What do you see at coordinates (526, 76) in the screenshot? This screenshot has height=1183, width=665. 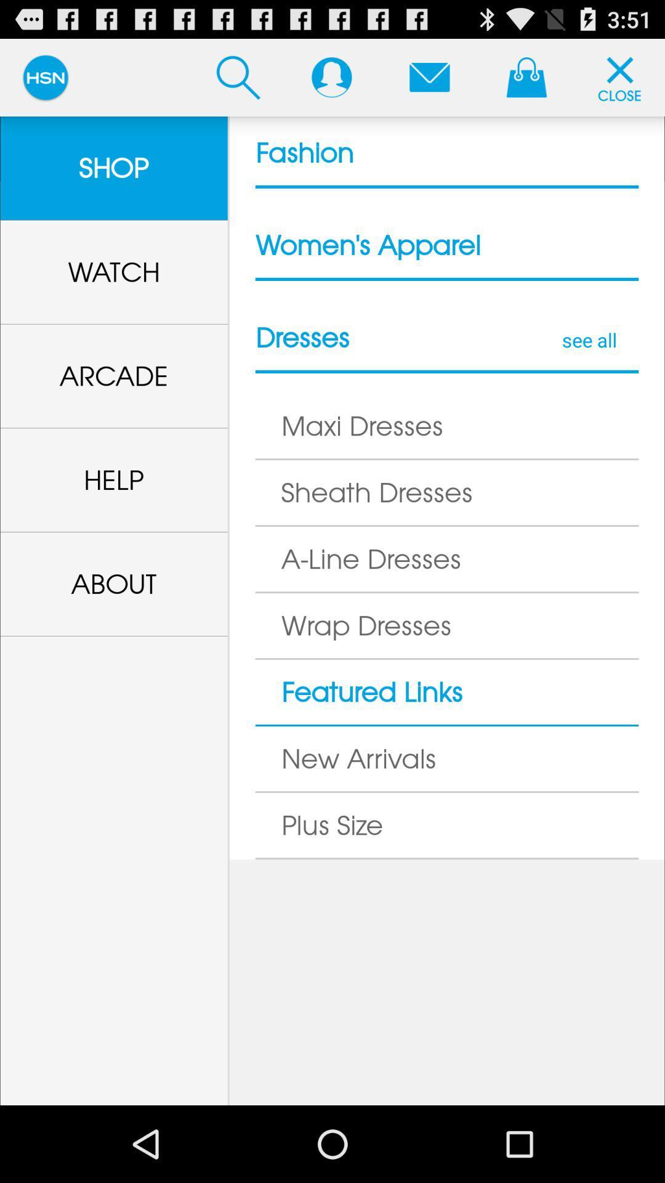 I see `open bag` at bounding box center [526, 76].